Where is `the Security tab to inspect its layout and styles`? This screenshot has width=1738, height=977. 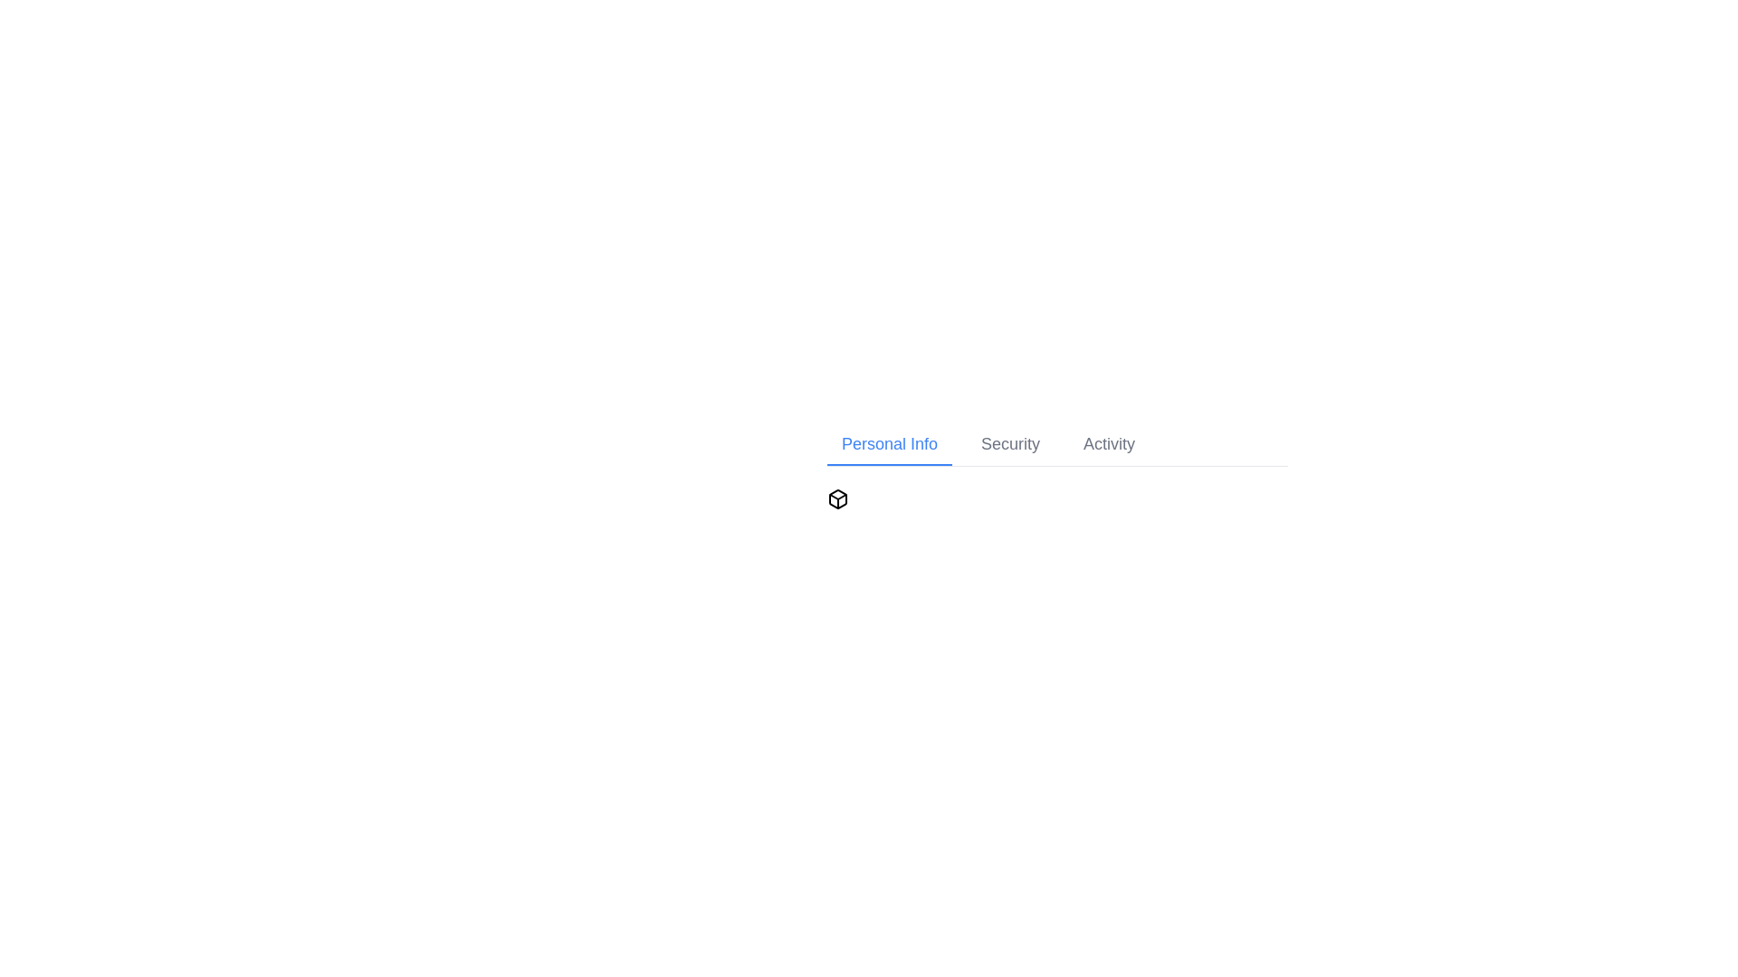 the Security tab to inspect its layout and styles is located at coordinates (1009, 445).